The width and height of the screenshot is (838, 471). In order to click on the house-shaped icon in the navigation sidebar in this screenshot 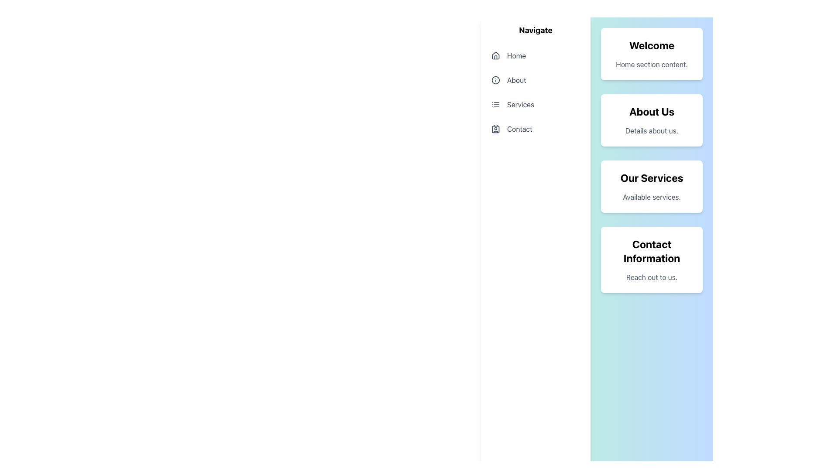, I will do `click(496, 55)`.